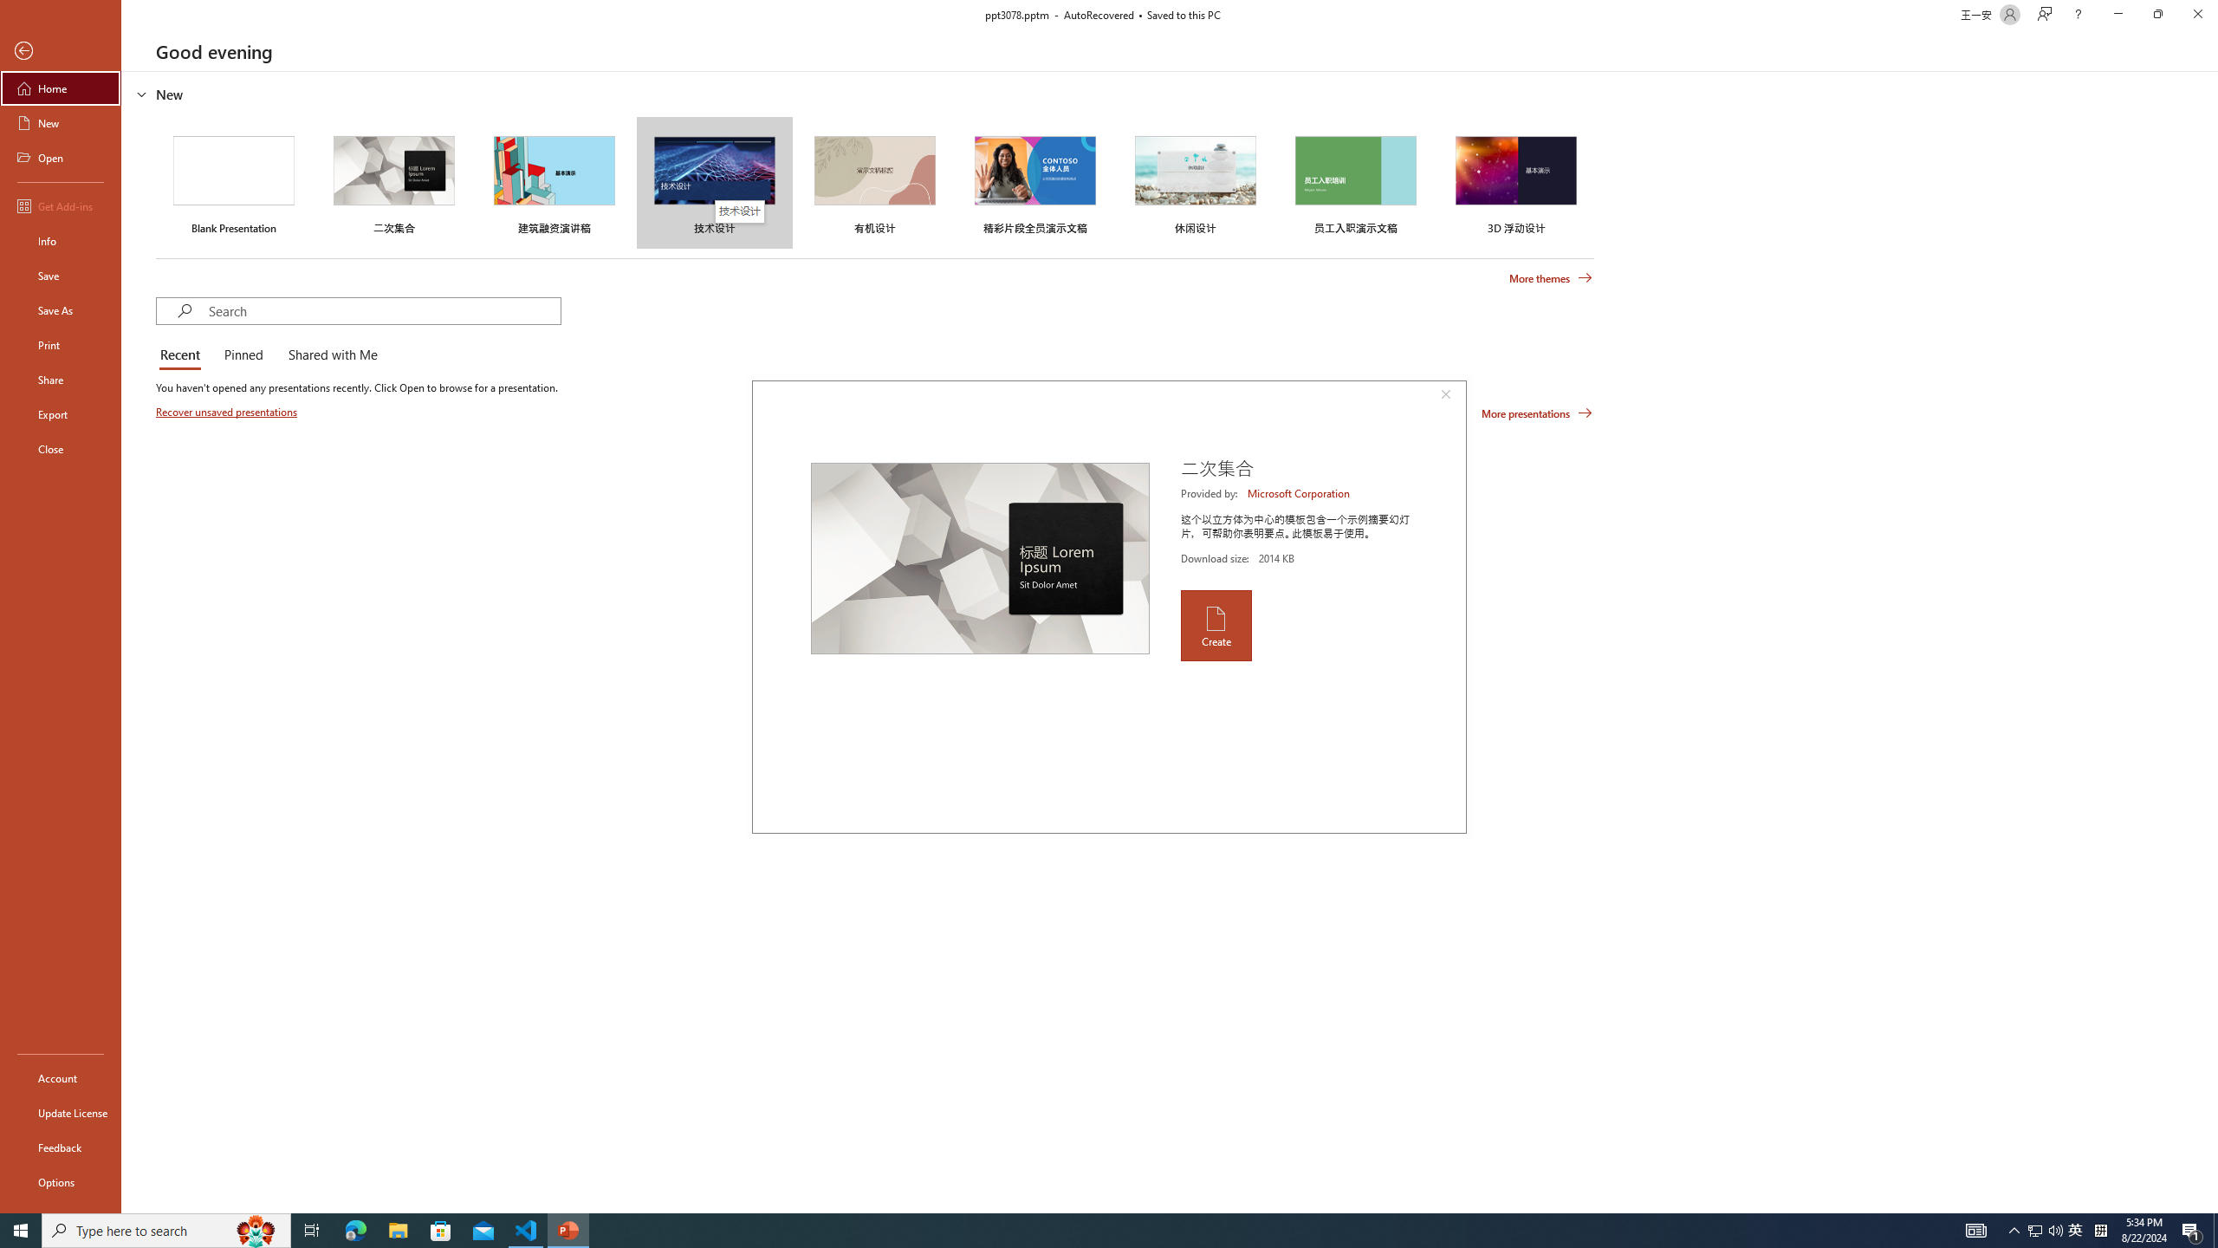  What do you see at coordinates (1536, 412) in the screenshot?
I see `'More presentations'` at bounding box center [1536, 412].